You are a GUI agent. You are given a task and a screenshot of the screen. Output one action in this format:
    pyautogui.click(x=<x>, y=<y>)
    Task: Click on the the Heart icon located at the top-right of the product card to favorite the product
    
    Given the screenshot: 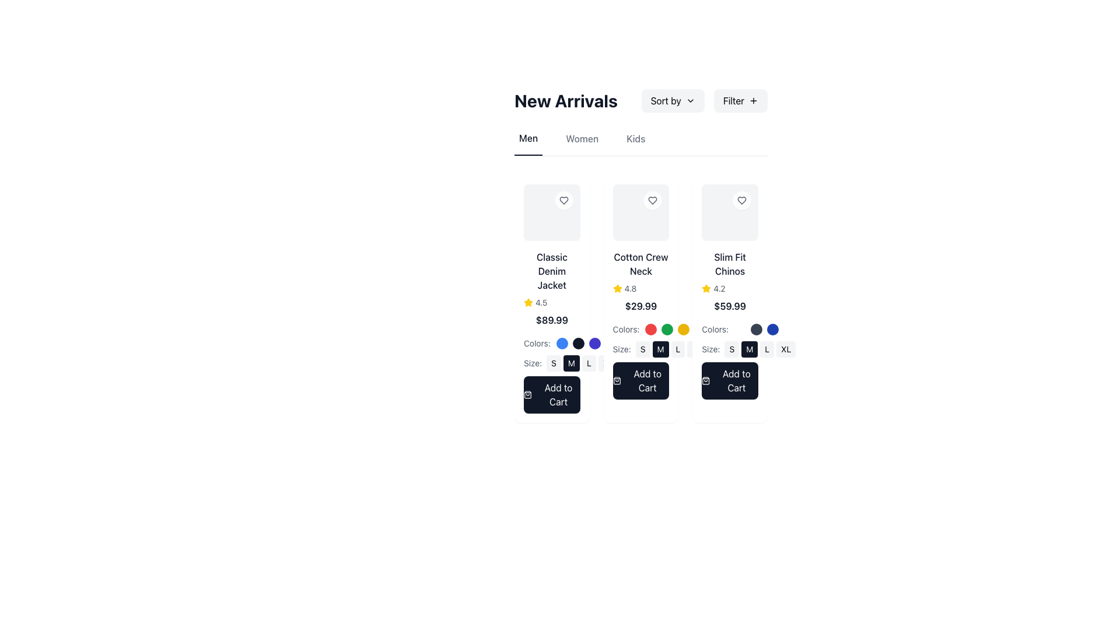 What is the action you would take?
    pyautogui.click(x=652, y=199)
    